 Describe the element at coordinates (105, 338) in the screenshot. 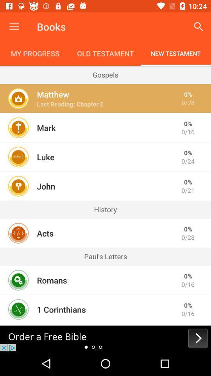

I see `bible` at that location.